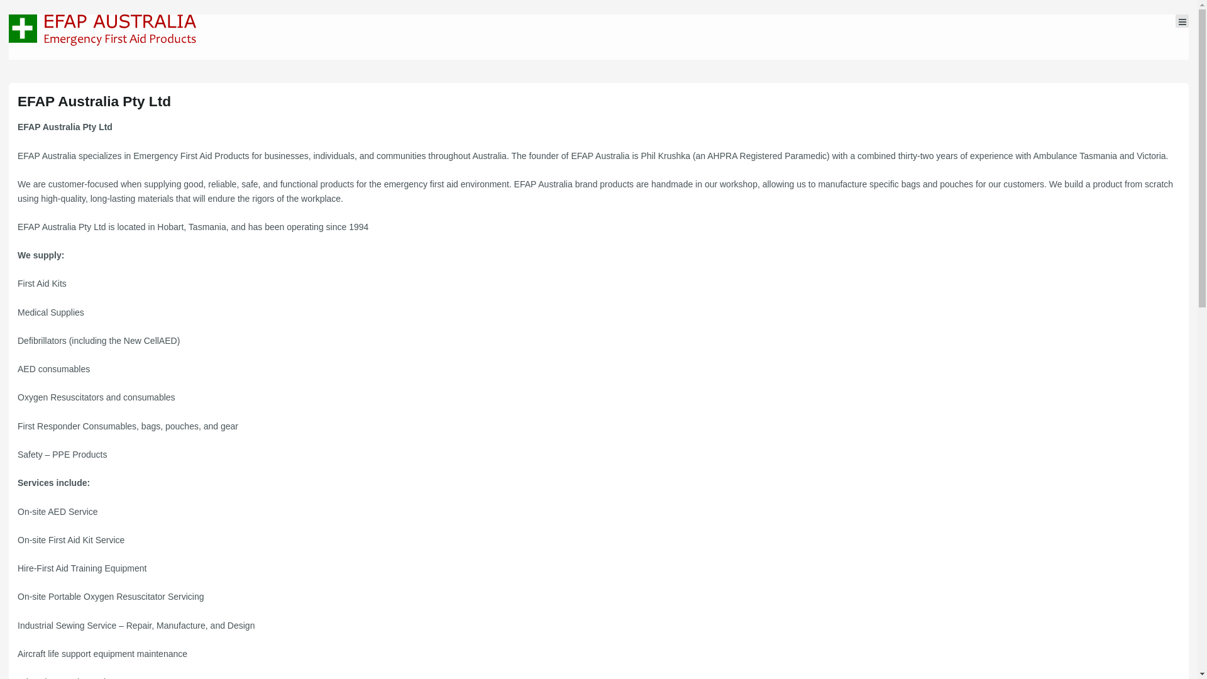  I want to click on 'Emergency First Aid Products Tasmania', so click(102, 29).